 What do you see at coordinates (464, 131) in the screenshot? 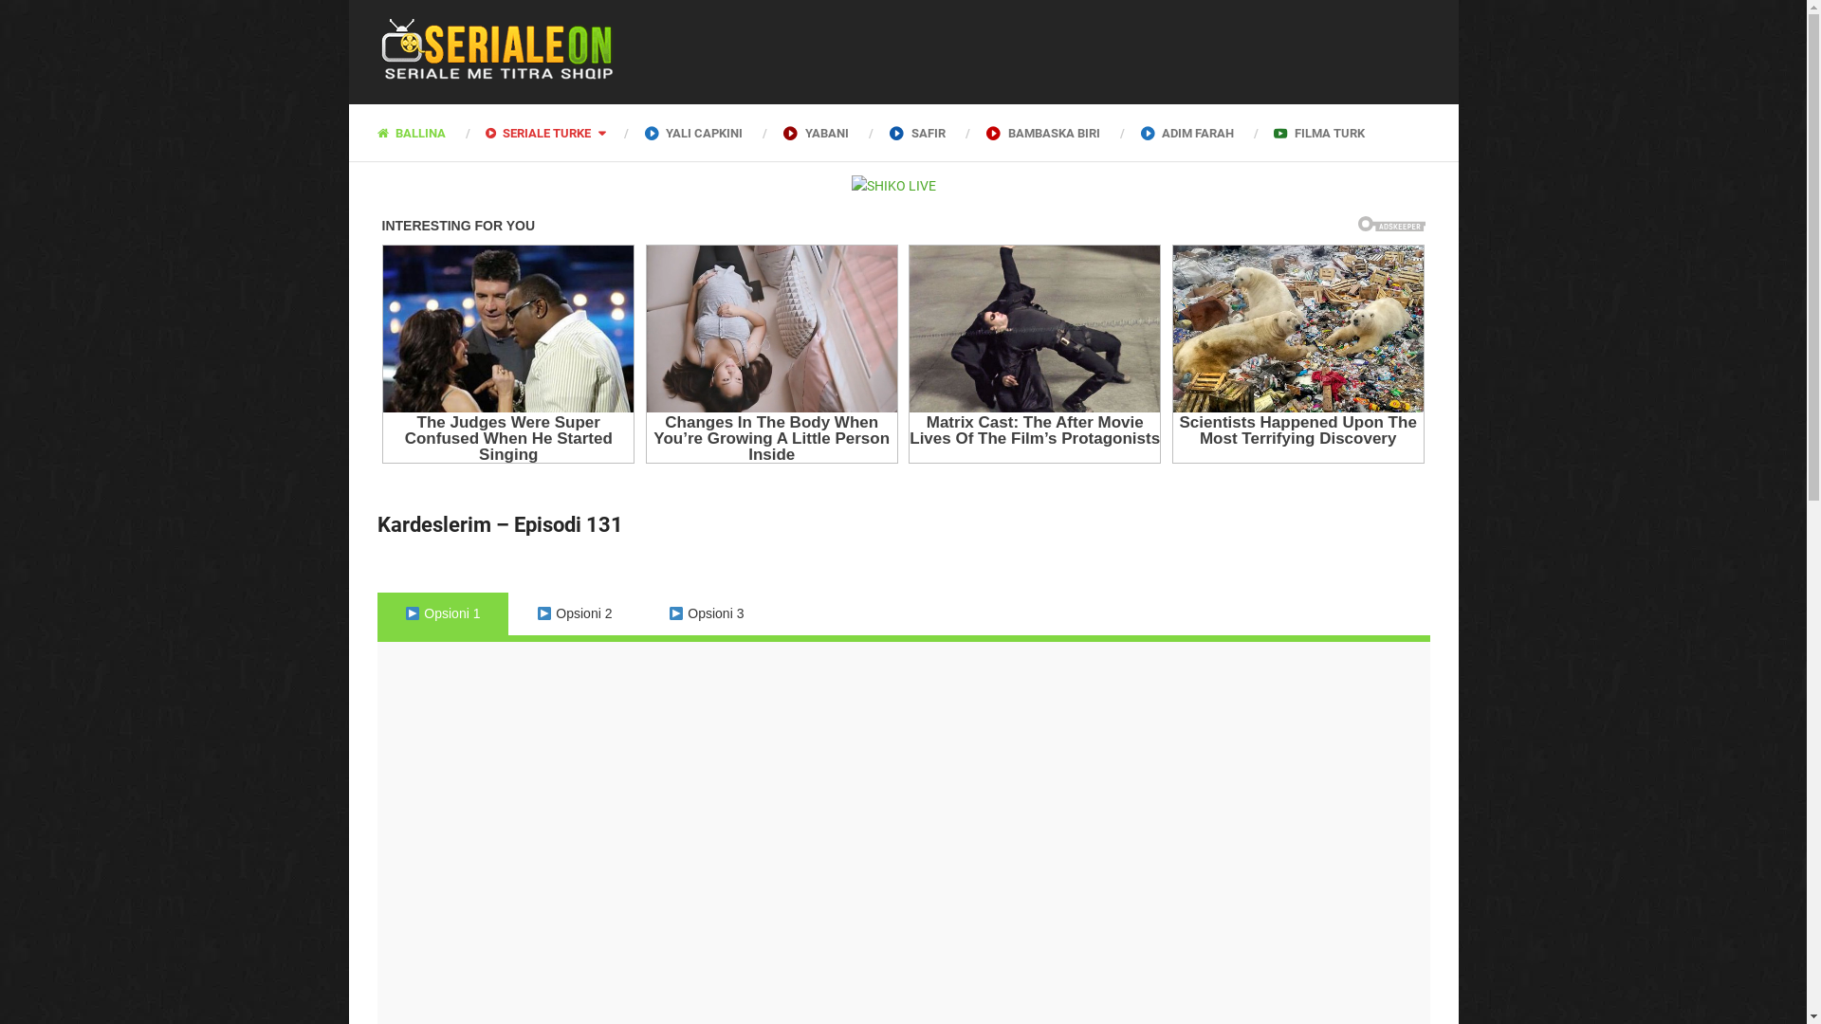
I see `'SERIALE TURKE'` at bounding box center [464, 131].